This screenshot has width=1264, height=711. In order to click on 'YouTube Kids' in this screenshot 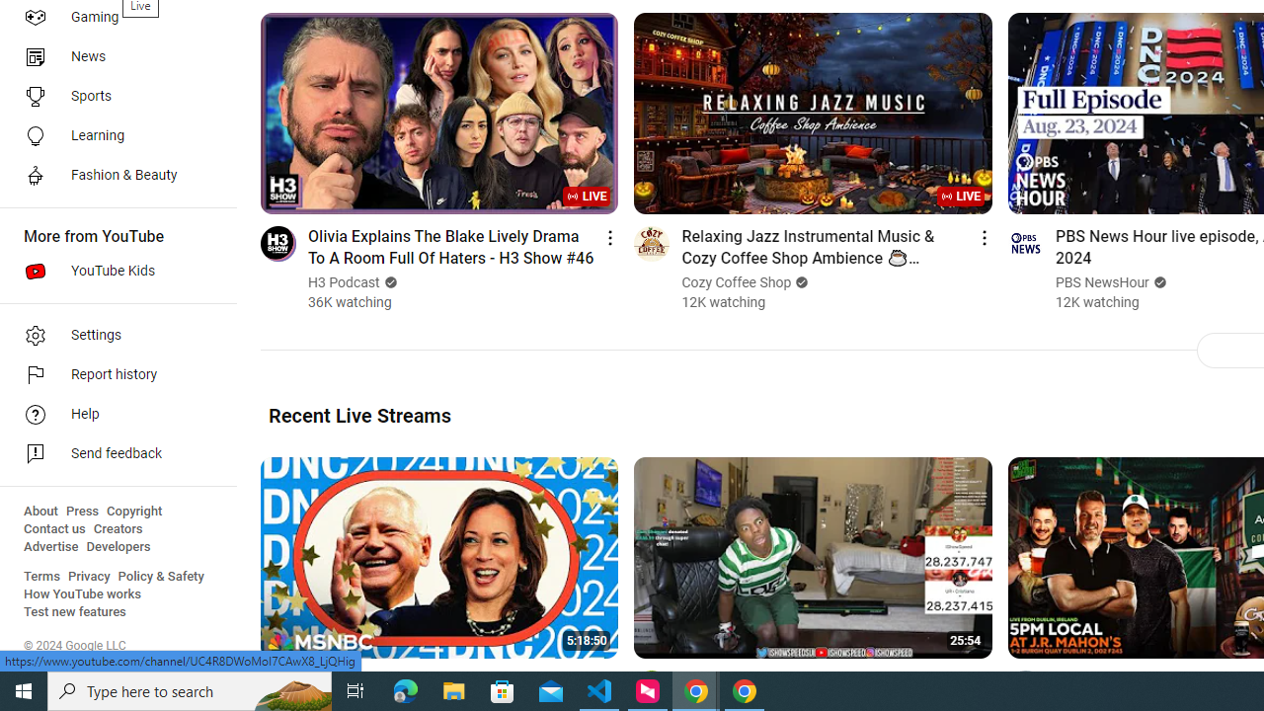, I will do `click(111, 272)`.